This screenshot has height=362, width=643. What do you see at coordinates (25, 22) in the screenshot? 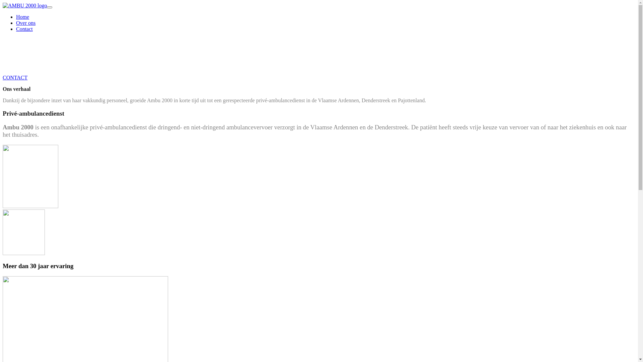
I see `'Over ons'` at bounding box center [25, 22].